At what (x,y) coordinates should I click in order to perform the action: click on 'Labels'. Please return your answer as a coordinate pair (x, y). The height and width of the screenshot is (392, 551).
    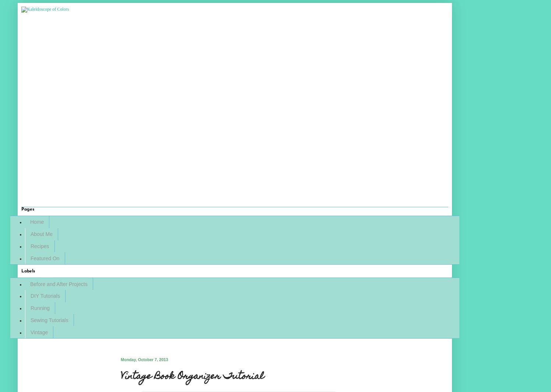
    Looking at the image, I should click on (28, 271).